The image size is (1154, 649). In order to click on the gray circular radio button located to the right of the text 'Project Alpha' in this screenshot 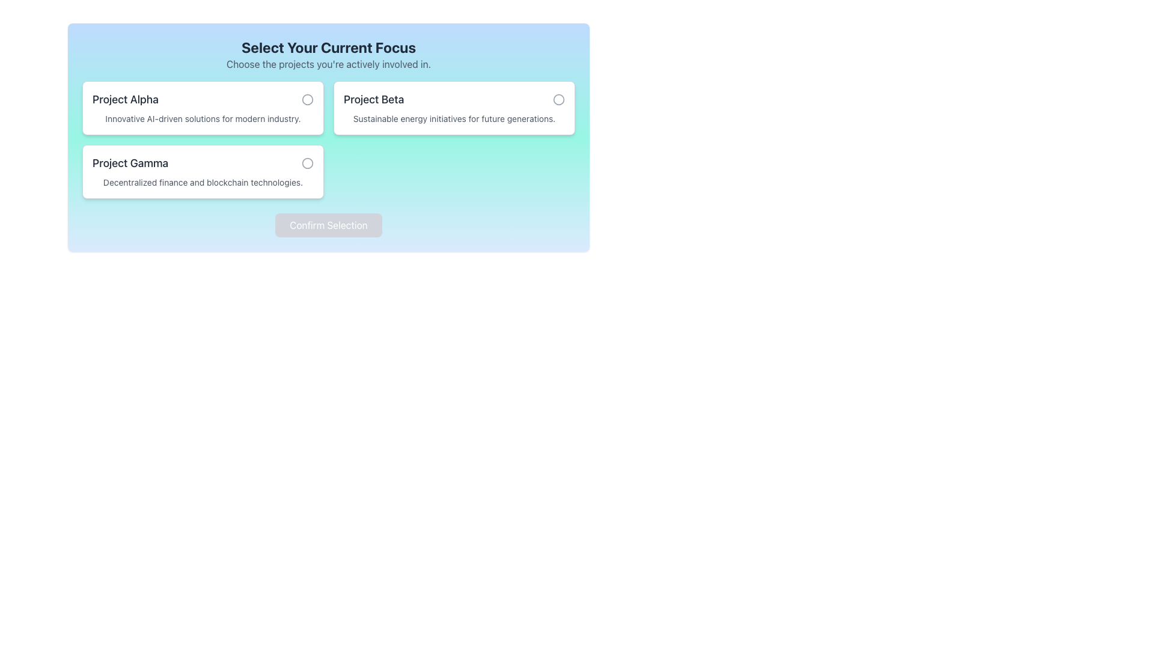, I will do `click(308, 99)`.